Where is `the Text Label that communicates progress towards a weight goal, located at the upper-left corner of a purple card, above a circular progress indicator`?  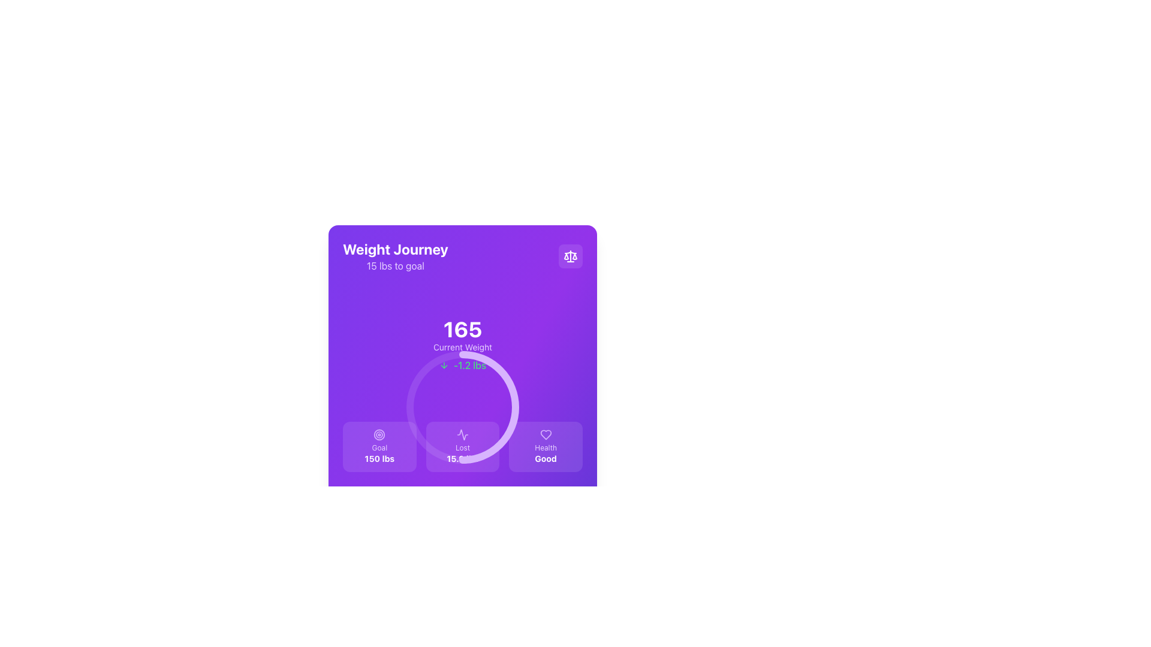 the Text Label that communicates progress towards a weight goal, located at the upper-left corner of a purple card, above a circular progress indicator is located at coordinates (395, 256).